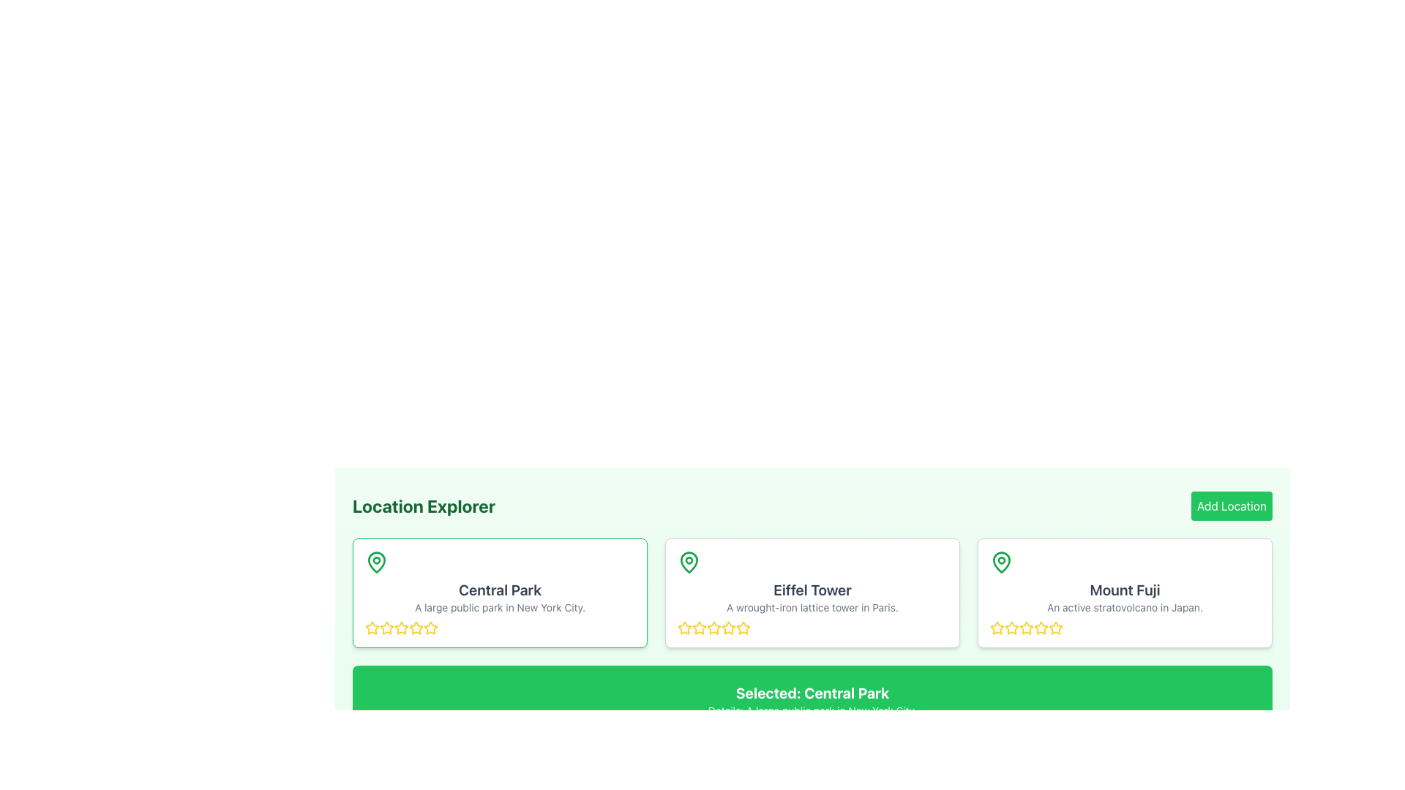  What do you see at coordinates (416, 627) in the screenshot?
I see `the fourth star icon in the rating bar located below the 'Central Park' section` at bounding box center [416, 627].